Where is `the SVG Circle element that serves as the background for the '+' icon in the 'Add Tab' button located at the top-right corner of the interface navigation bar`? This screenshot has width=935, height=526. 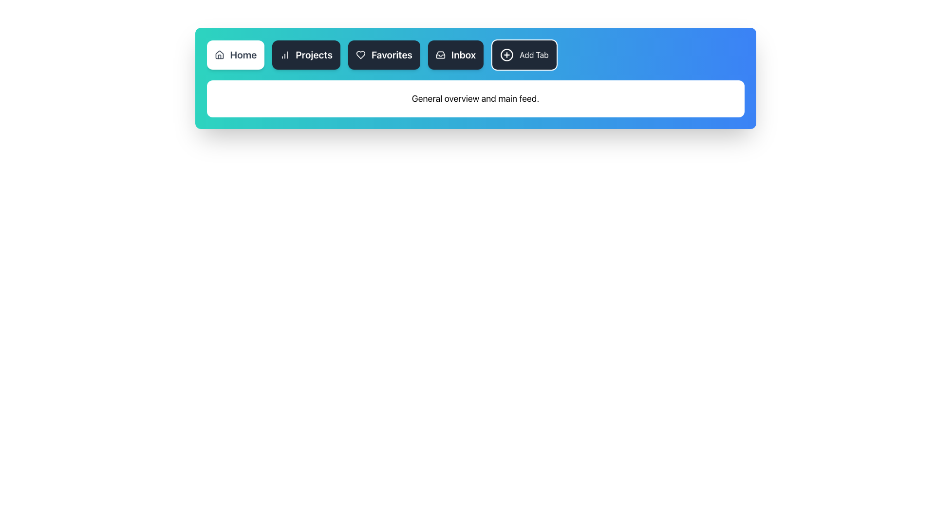 the SVG Circle element that serves as the background for the '+' icon in the 'Add Tab' button located at the top-right corner of the interface navigation bar is located at coordinates (506, 55).